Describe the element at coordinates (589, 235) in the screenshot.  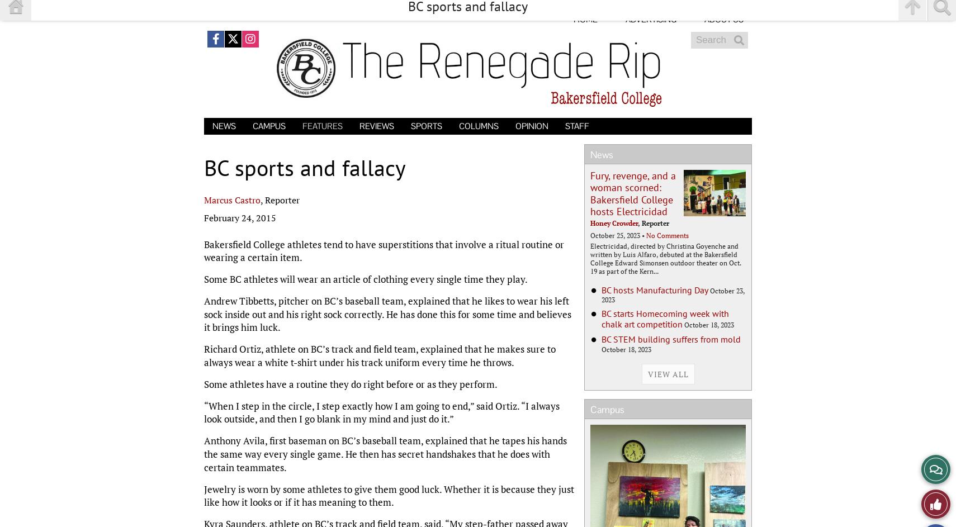
I see `'October 25, 2023'` at that location.